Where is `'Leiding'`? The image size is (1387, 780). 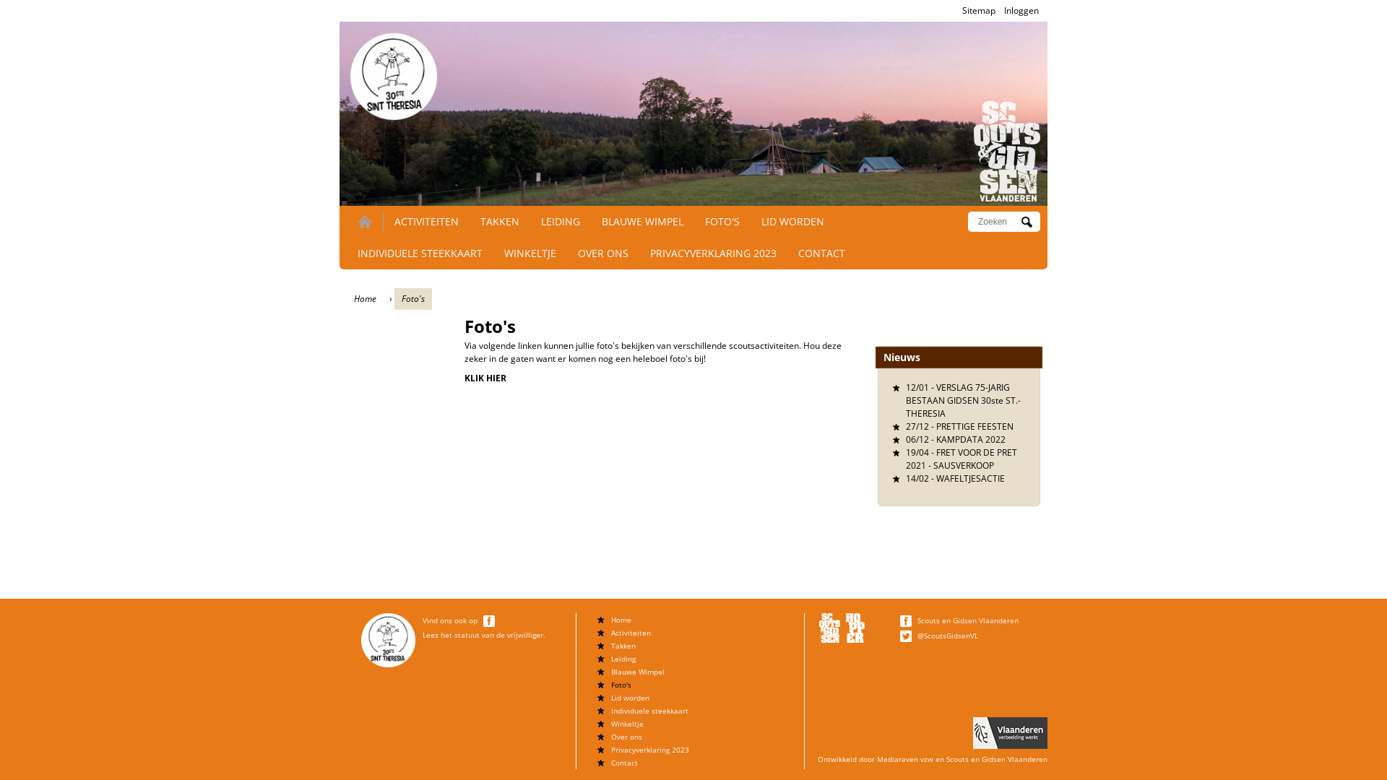 'Leiding' is located at coordinates (610, 658).